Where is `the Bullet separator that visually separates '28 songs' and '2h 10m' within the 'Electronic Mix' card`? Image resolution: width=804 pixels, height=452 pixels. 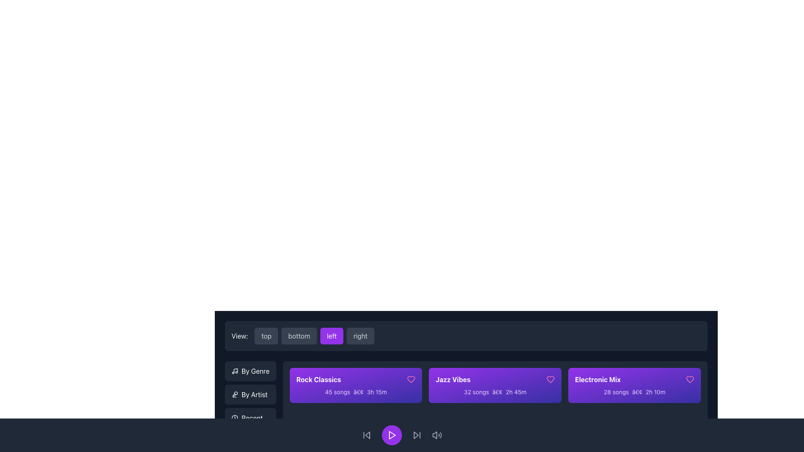
the Bullet separator that visually separates '28 songs' and '2h 10m' within the 'Electronic Mix' card is located at coordinates (636, 392).